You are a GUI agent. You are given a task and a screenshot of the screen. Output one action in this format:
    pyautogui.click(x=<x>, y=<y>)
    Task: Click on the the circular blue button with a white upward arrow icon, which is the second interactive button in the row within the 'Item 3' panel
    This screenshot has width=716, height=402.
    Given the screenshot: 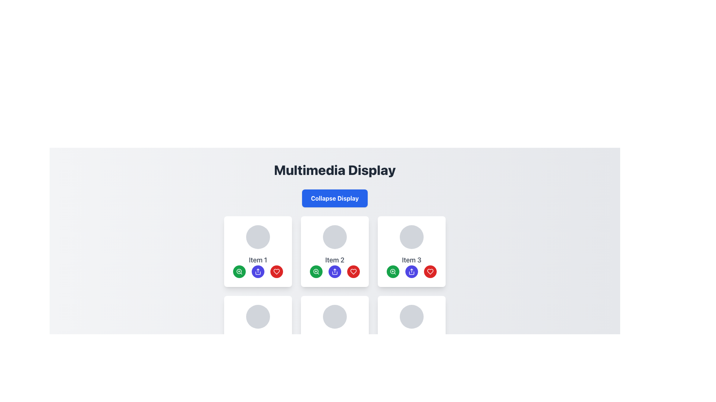 What is the action you would take?
    pyautogui.click(x=411, y=271)
    